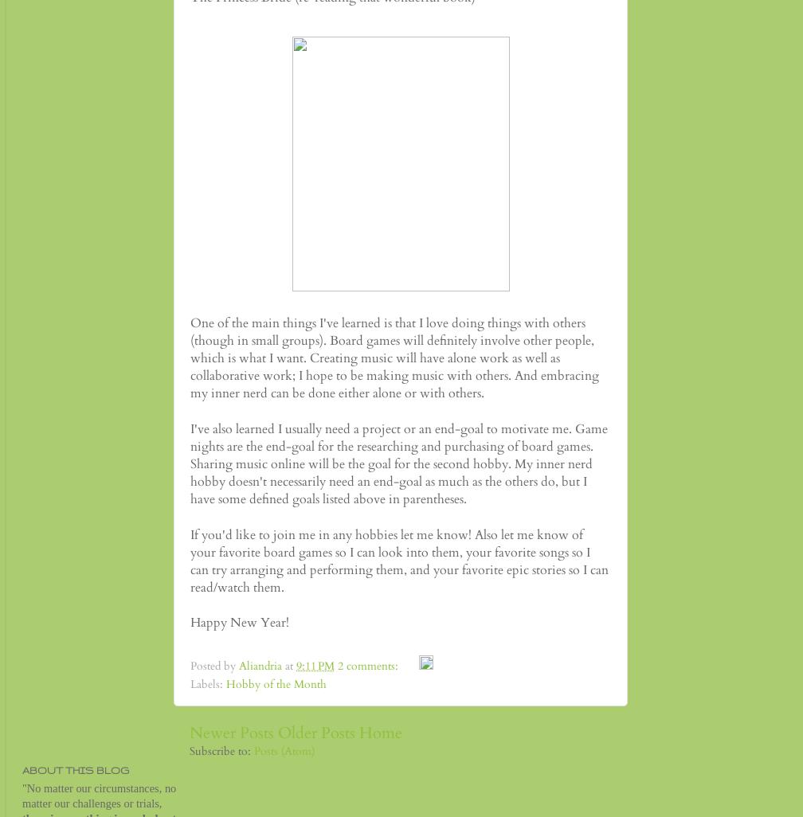 The height and width of the screenshot is (817, 803). I want to click on 'Aliandria', so click(238, 666).